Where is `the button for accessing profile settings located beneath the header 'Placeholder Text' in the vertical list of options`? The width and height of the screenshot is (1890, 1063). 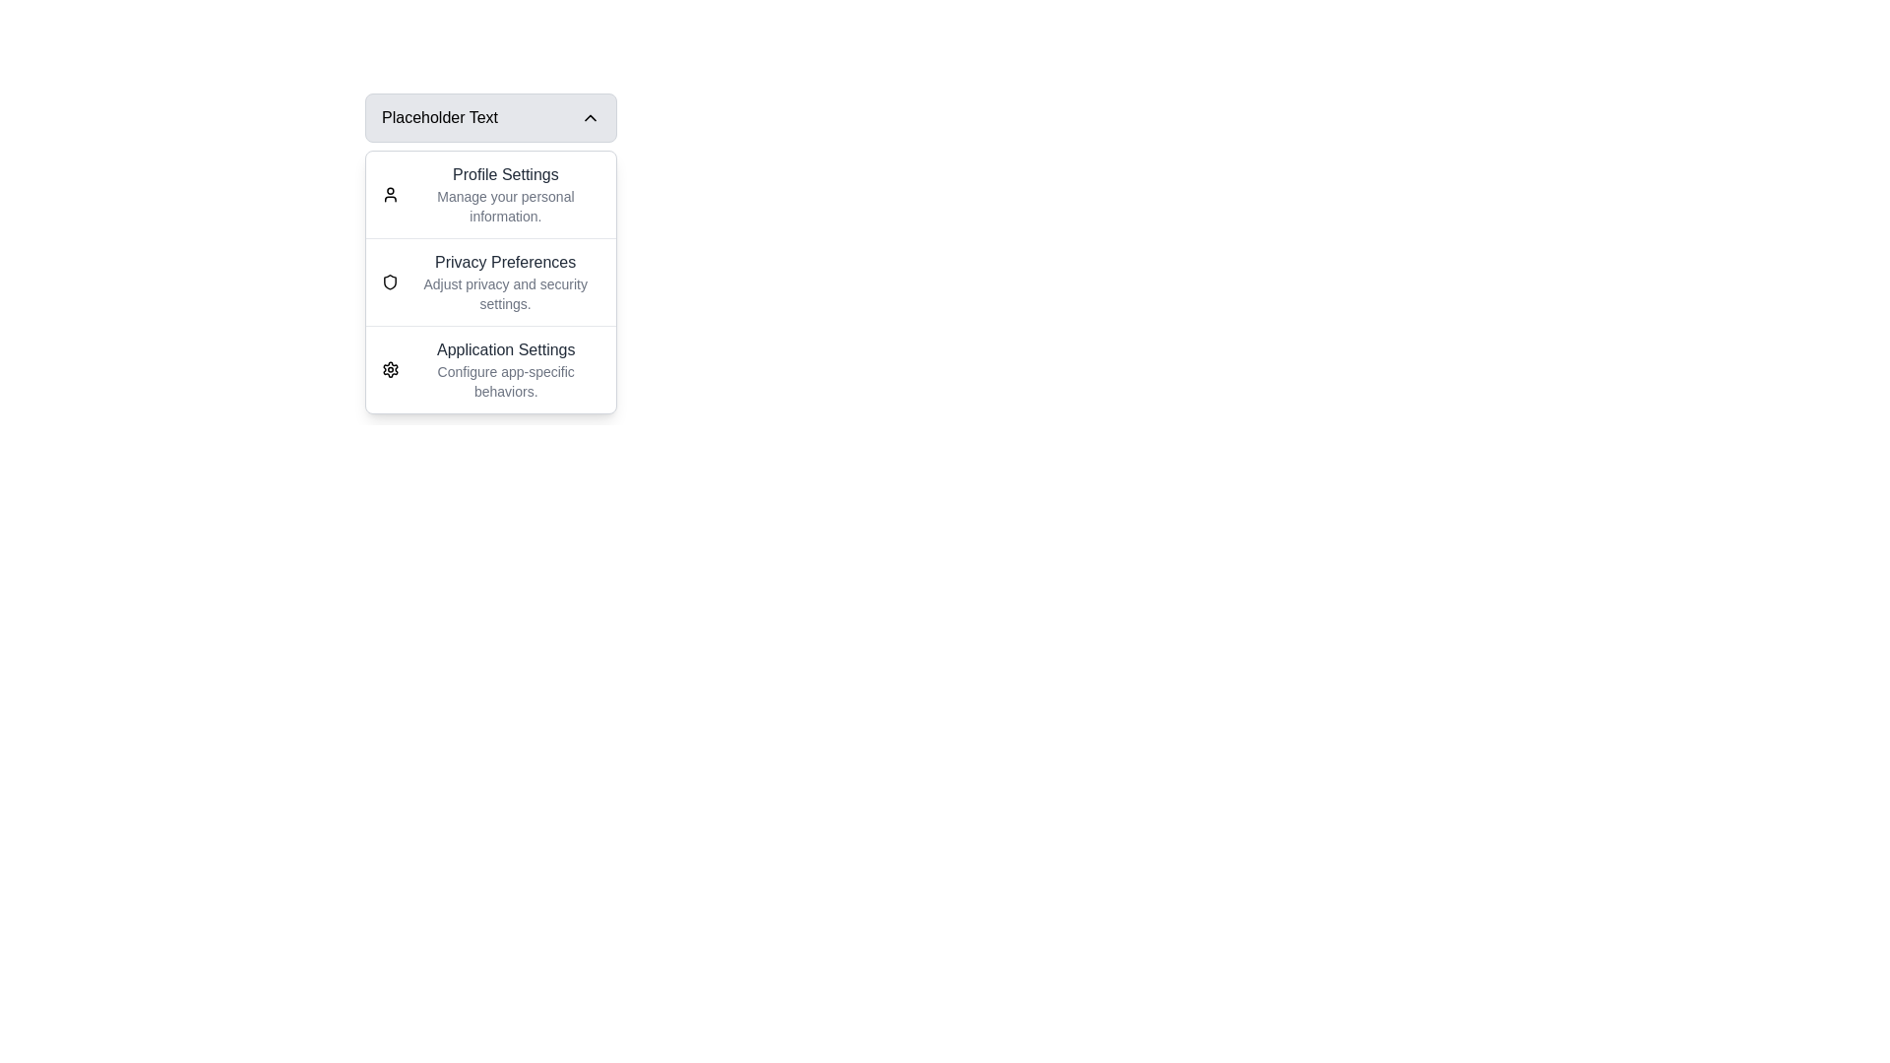
the button for accessing profile settings located beneath the header 'Placeholder Text' in the vertical list of options is located at coordinates (491, 194).